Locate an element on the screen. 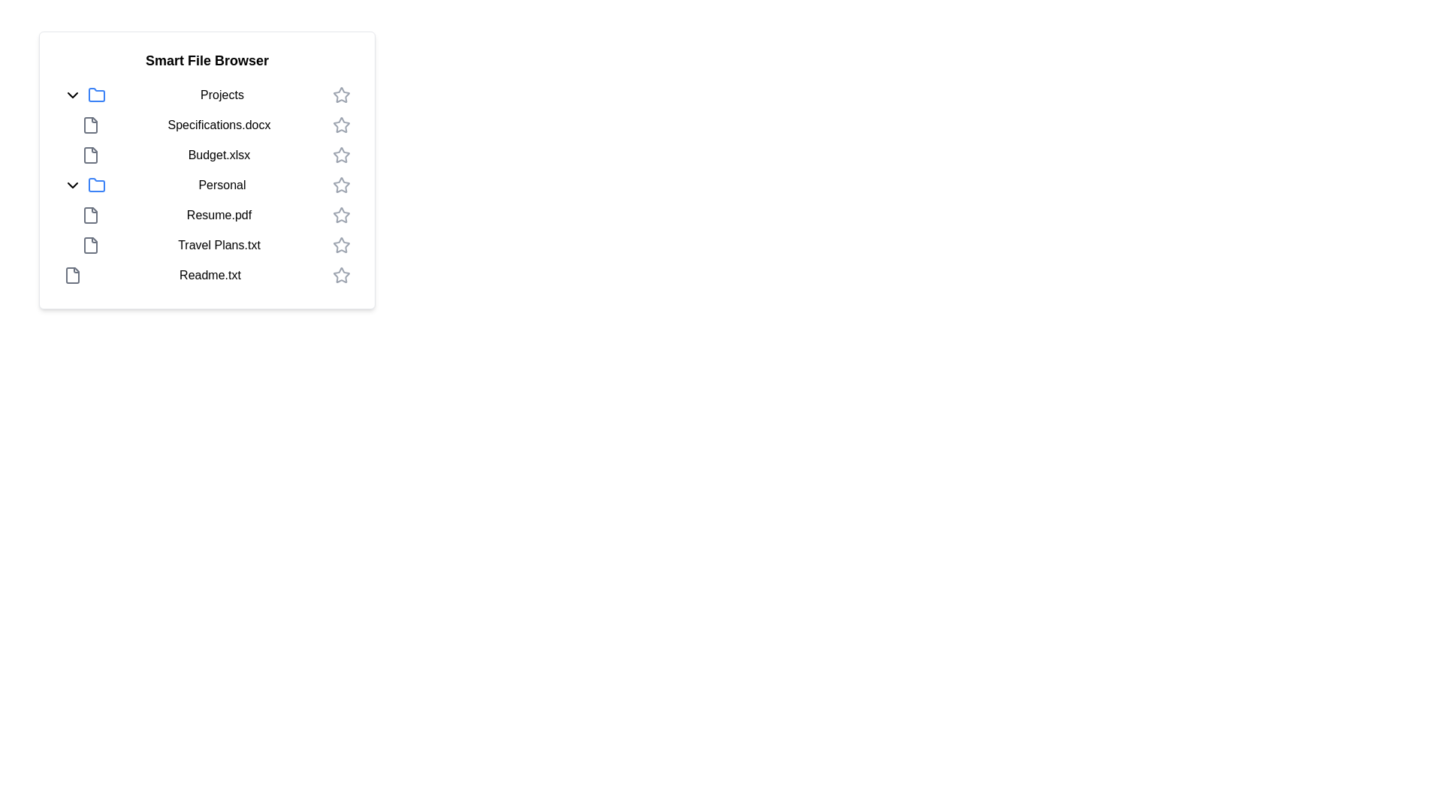 The height and width of the screenshot is (811, 1442). the 'Travel Plans.txt' label is located at coordinates (219, 245).